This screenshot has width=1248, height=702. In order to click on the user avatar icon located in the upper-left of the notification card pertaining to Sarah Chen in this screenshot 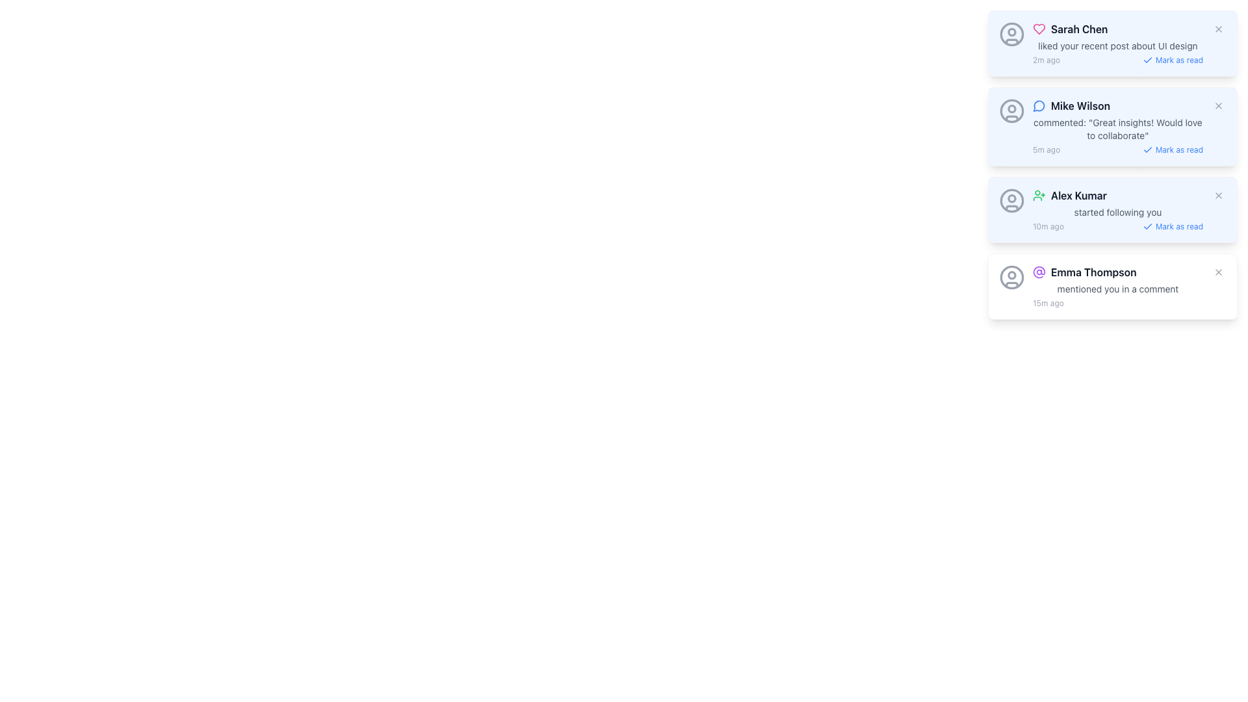, I will do `click(1011, 34)`.